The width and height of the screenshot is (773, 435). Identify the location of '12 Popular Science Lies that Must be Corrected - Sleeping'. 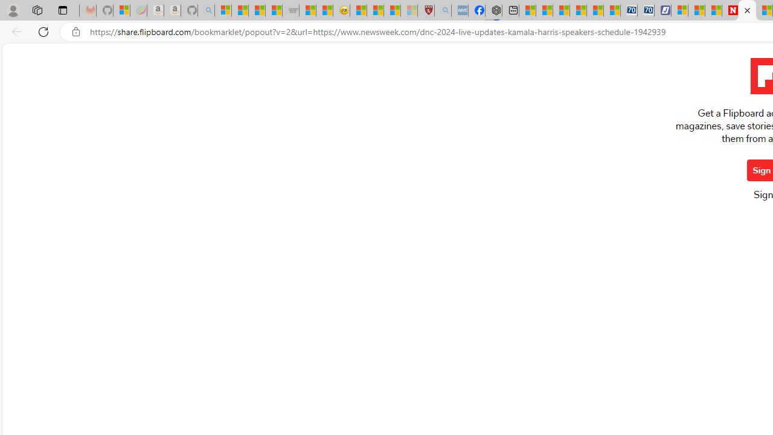
(409, 10).